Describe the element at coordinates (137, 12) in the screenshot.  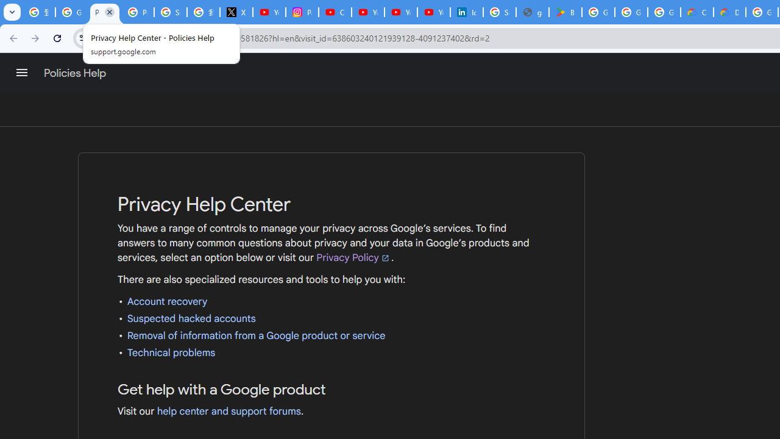
I see `'Privacy Help Center - Policies Help'` at that location.